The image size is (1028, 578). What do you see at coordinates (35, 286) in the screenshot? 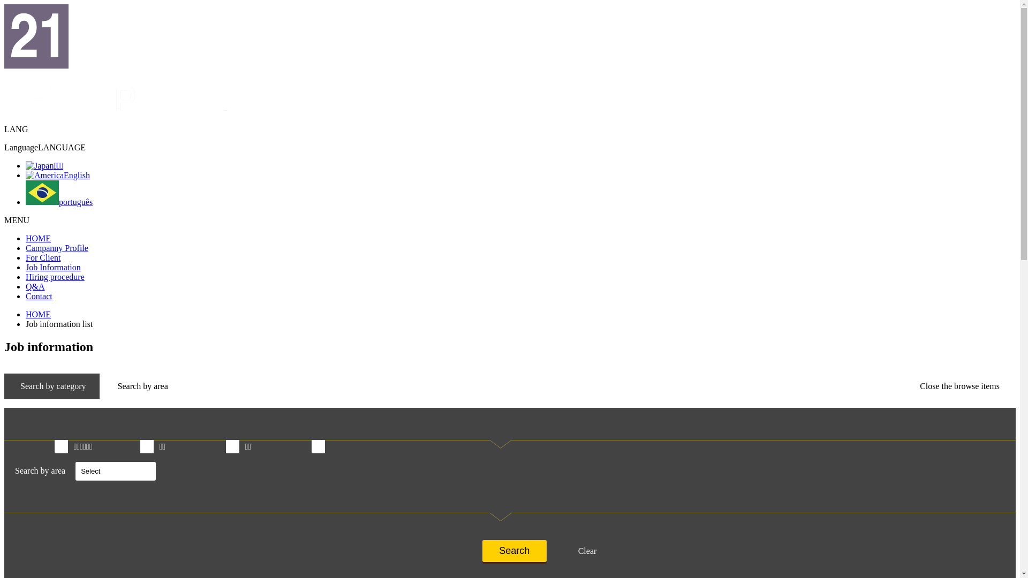
I see `'Q&A'` at bounding box center [35, 286].